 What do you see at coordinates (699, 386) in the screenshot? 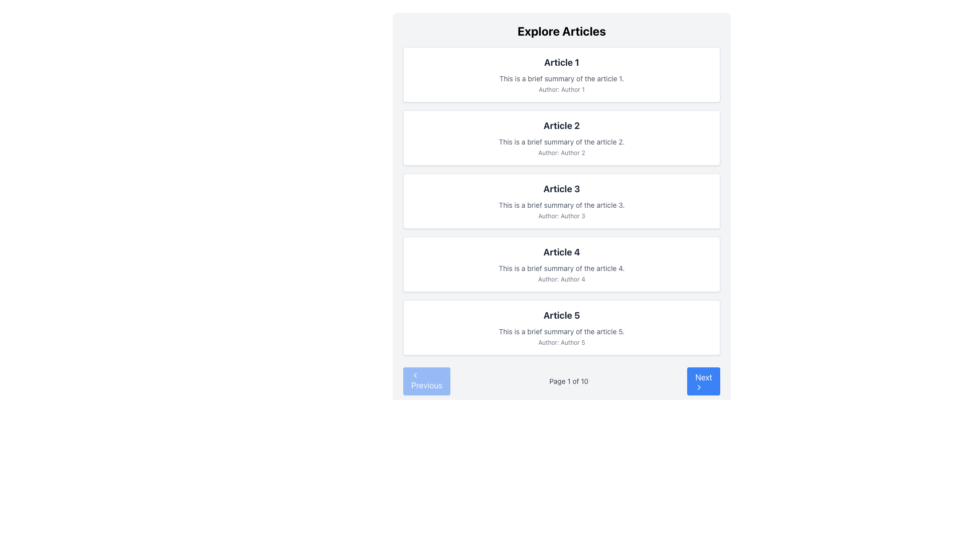
I see `the chevron icon located to the right of the text inside the 'Next' button in the bottom-right corner of the interface` at bounding box center [699, 386].